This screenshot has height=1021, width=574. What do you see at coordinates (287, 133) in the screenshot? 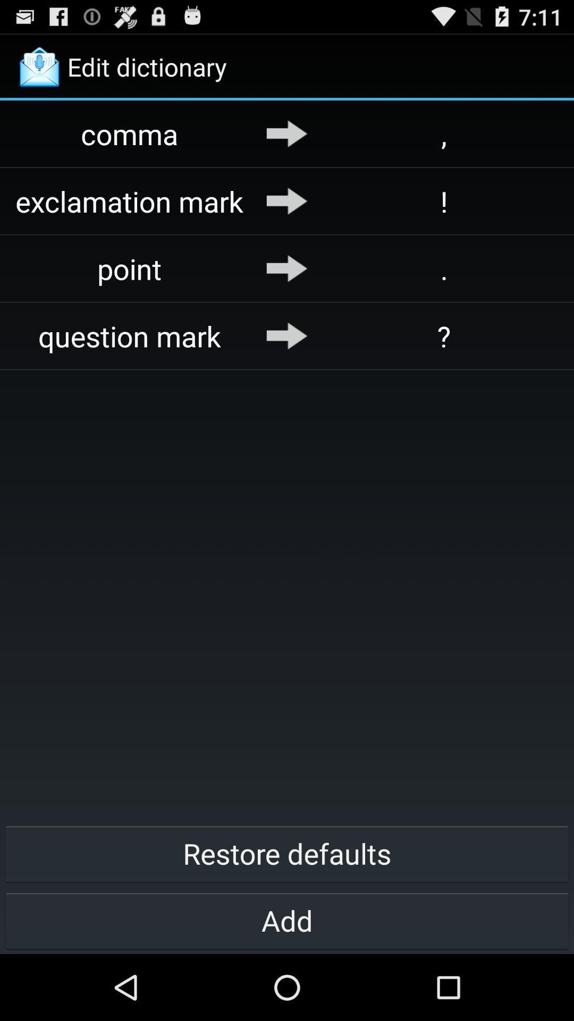
I see `the item next to the comma` at bounding box center [287, 133].